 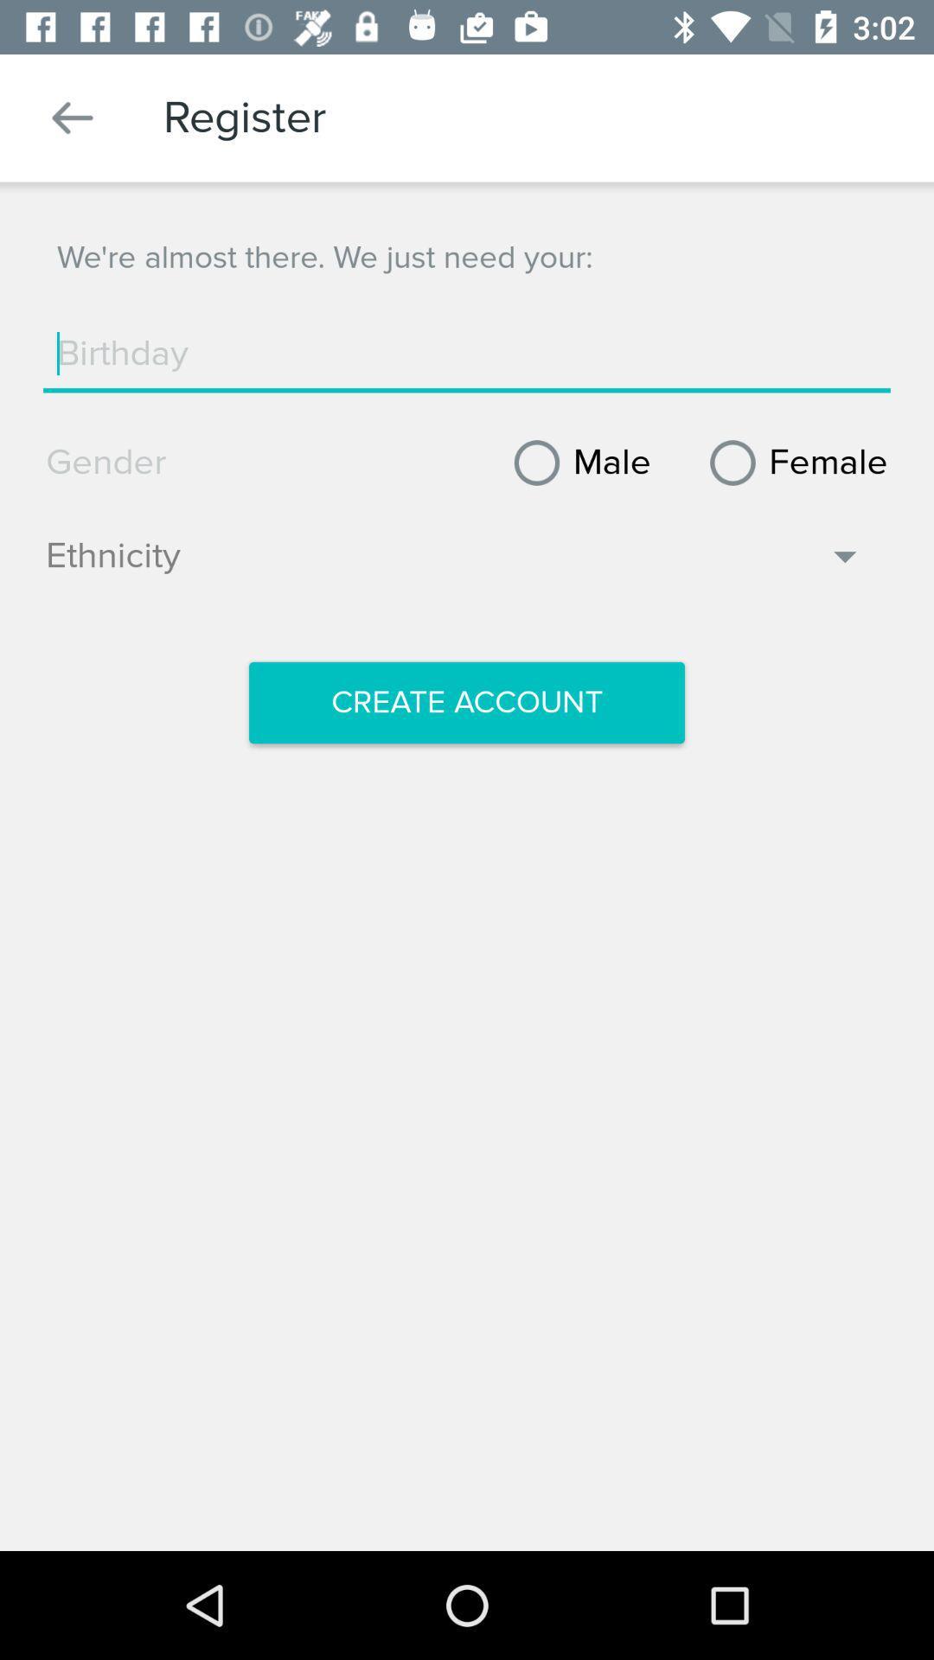 I want to click on birthday, so click(x=467, y=353).